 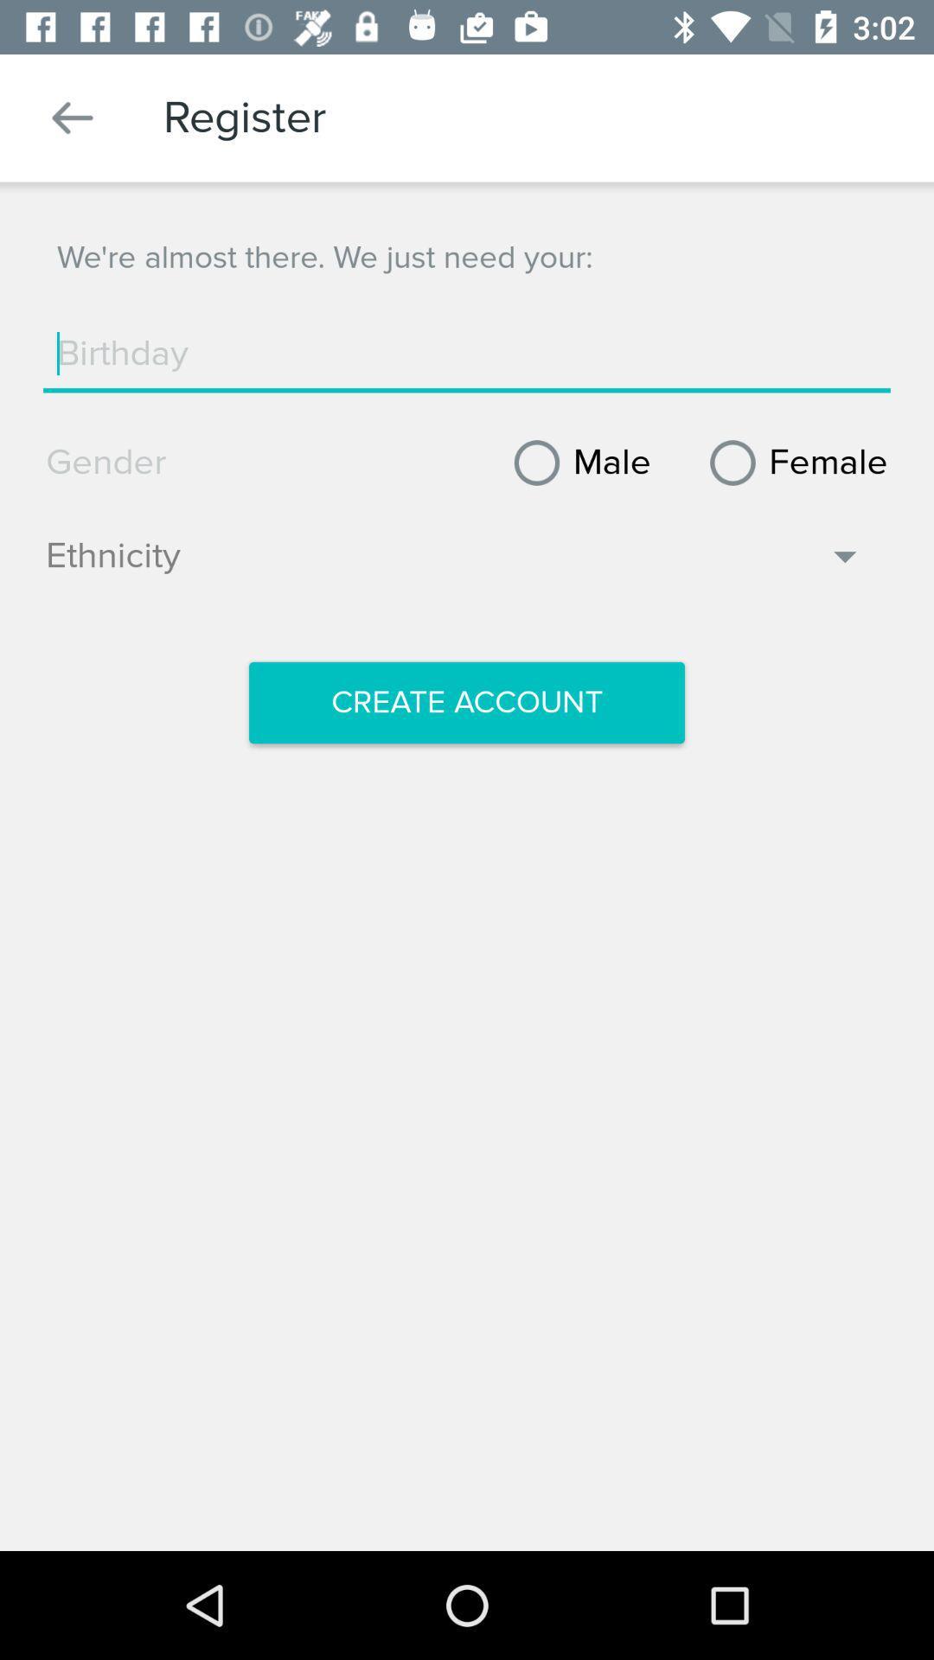 I want to click on birthday, so click(x=467, y=353).